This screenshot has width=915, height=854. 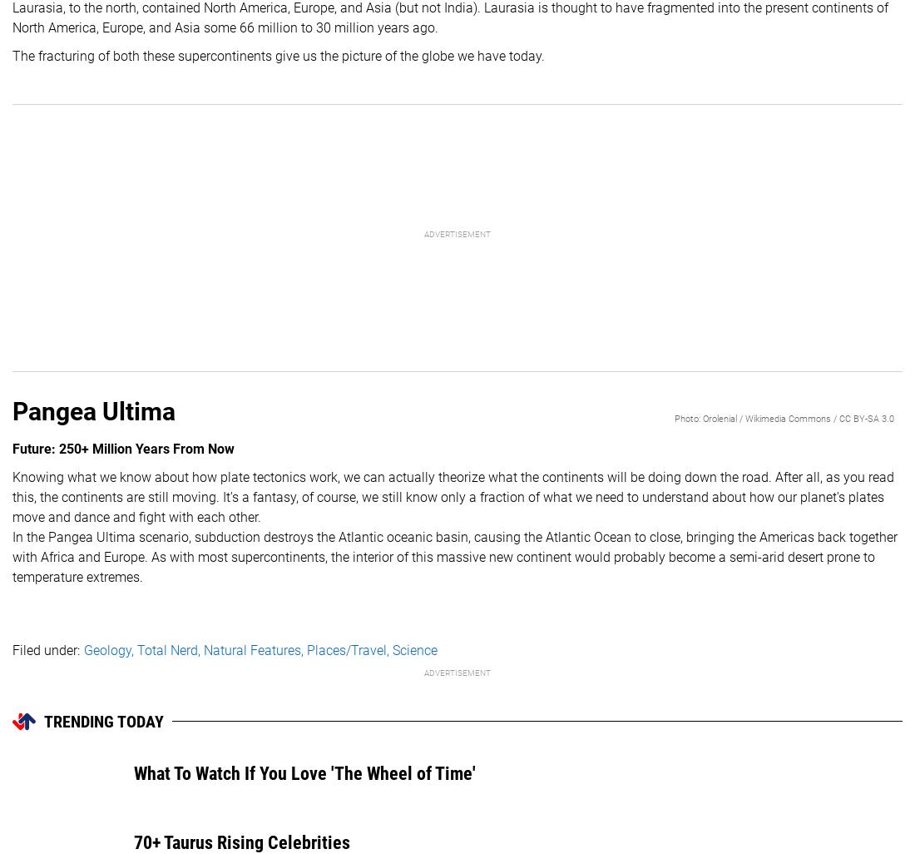 What do you see at coordinates (103, 721) in the screenshot?
I see `'TRENDING TODAY'` at bounding box center [103, 721].